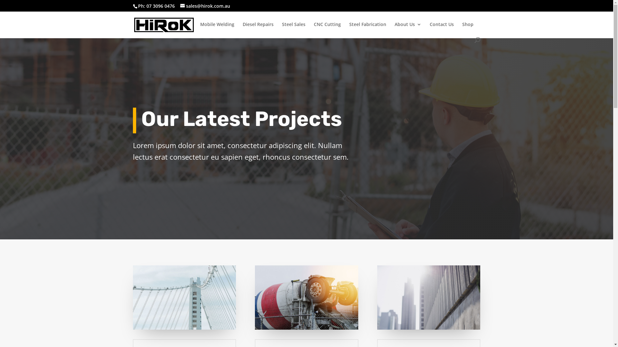 The image size is (618, 347). I want to click on 'sales@hirok.com.au', so click(205, 5).